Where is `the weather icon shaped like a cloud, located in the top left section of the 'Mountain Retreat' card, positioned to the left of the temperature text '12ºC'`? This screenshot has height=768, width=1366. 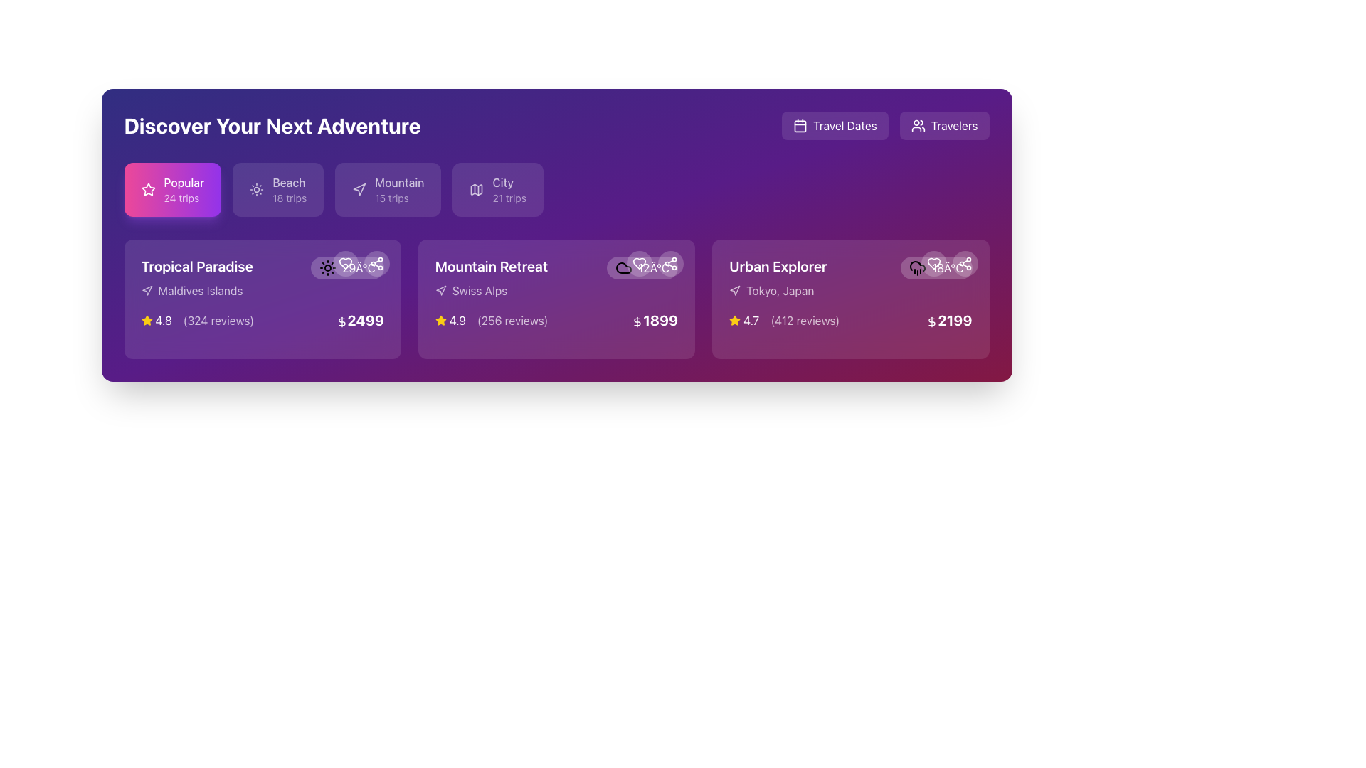 the weather icon shaped like a cloud, located in the top left section of the 'Mountain Retreat' card, positioned to the left of the temperature text '12ºC' is located at coordinates (624, 268).